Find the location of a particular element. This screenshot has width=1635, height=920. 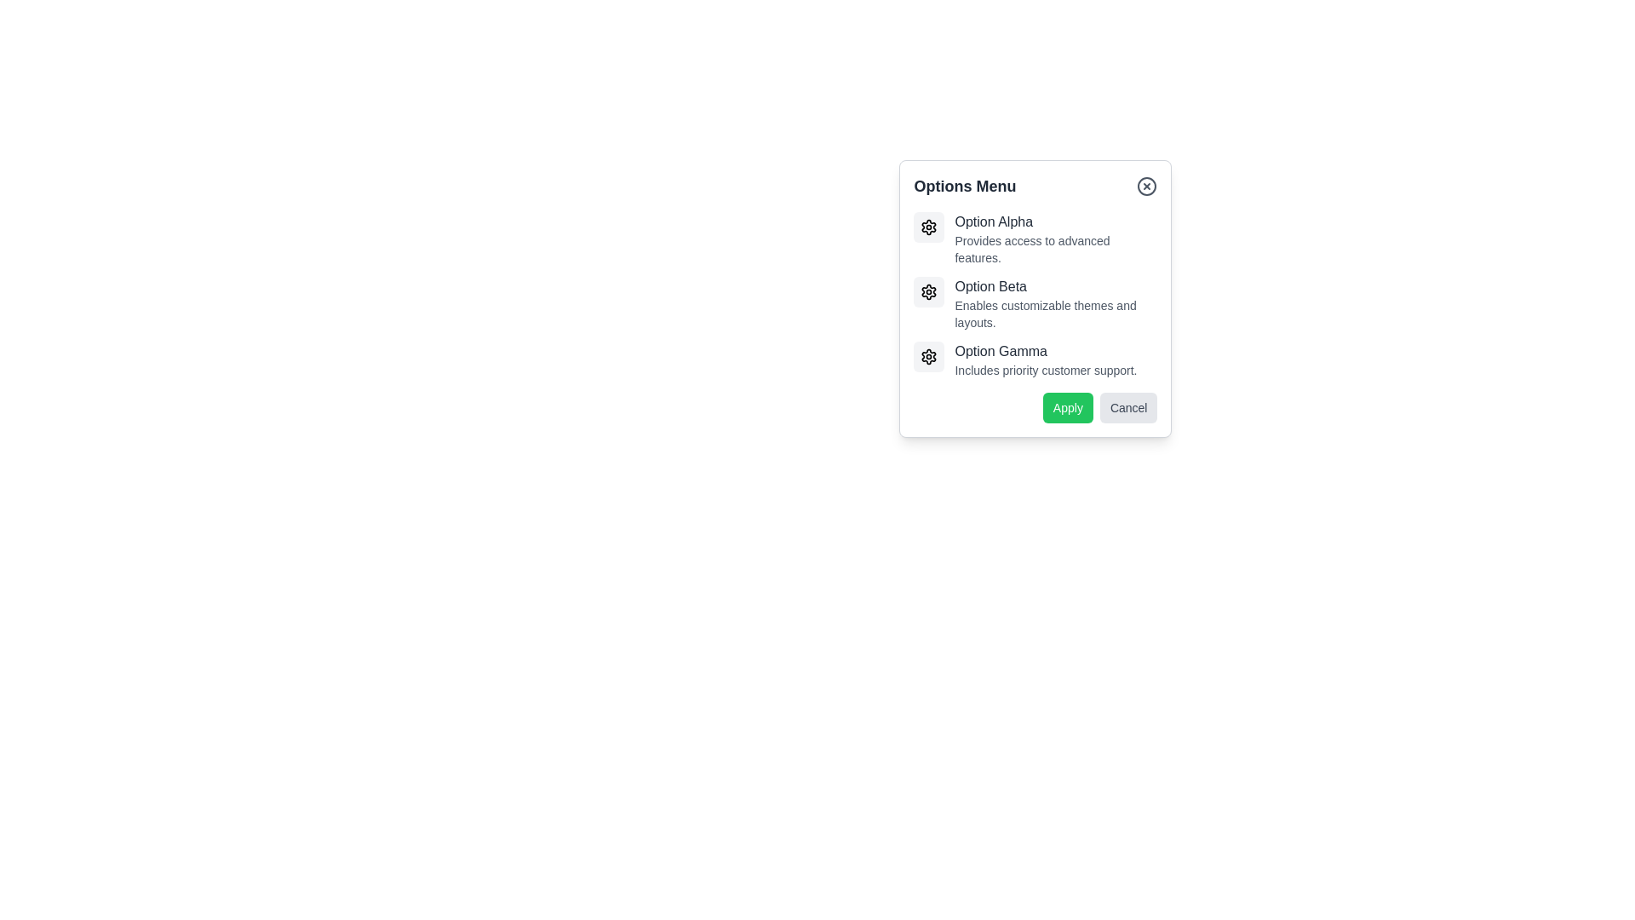

displayed text of the third item in the vertically aligned options list within the 'Options Menu' modal, which provides information about the 'Option Gamma' selection and its priority customer support is located at coordinates (1045, 359).